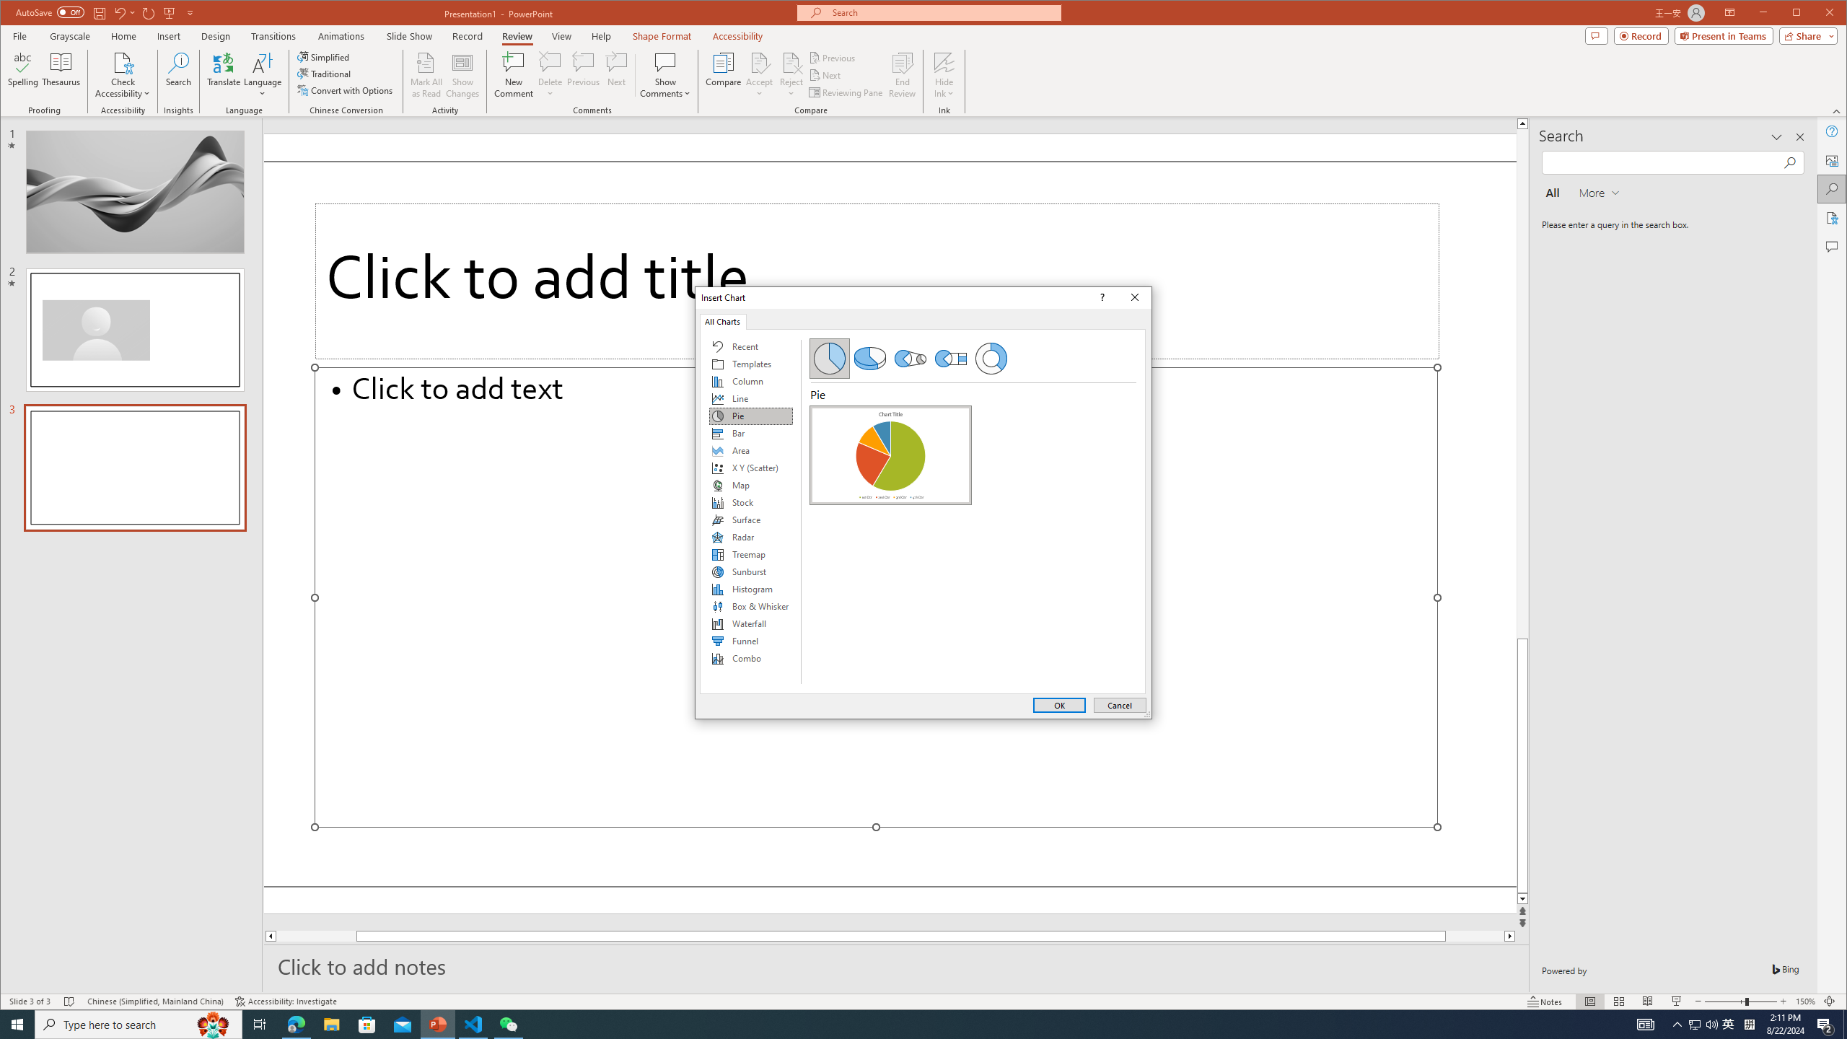  Describe the element at coordinates (750, 450) in the screenshot. I see `'Area'` at that location.